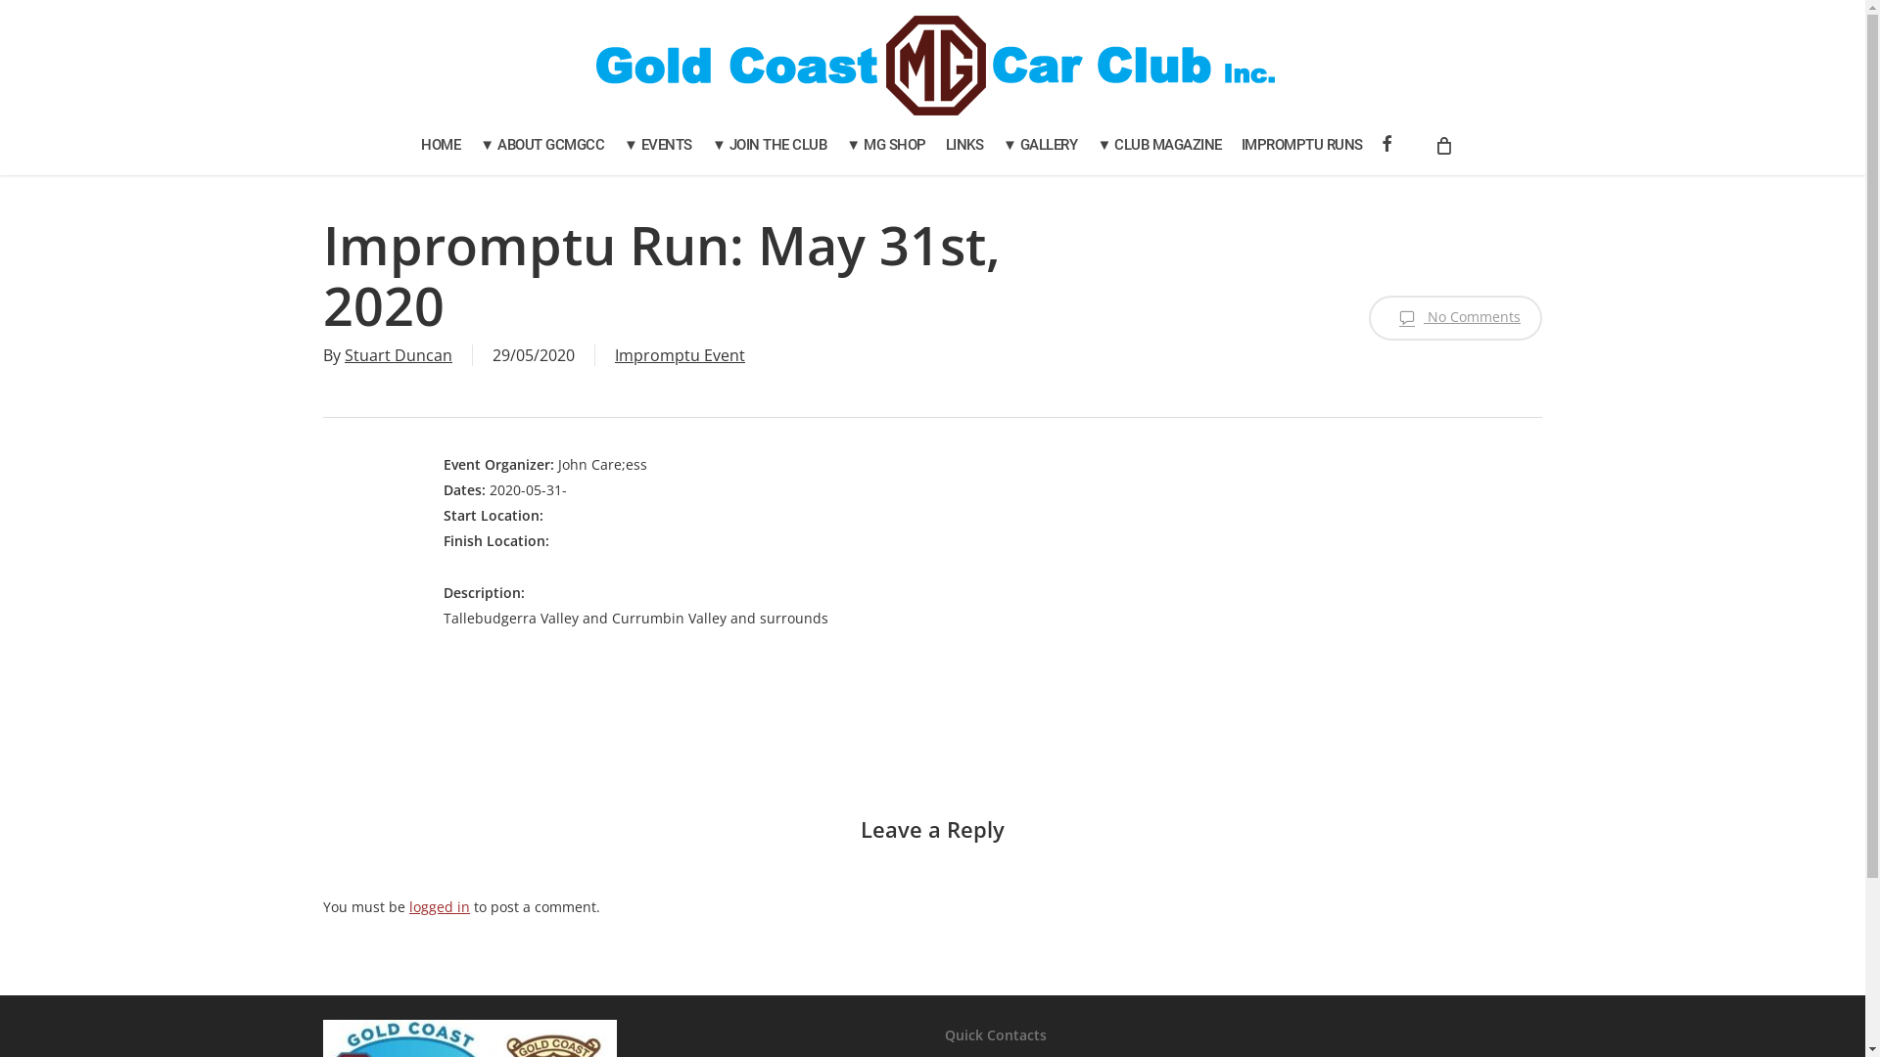  Describe the element at coordinates (964, 143) in the screenshot. I see `'LINKS'` at that location.